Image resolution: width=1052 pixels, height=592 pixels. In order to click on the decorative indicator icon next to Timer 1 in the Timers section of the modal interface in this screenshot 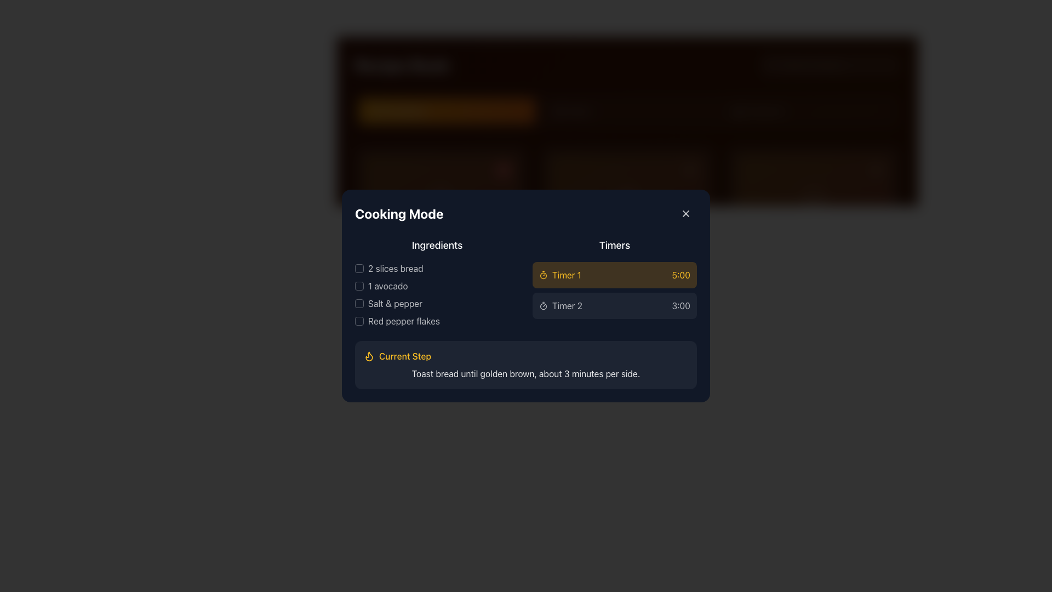, I will do `click(667, 259)`.